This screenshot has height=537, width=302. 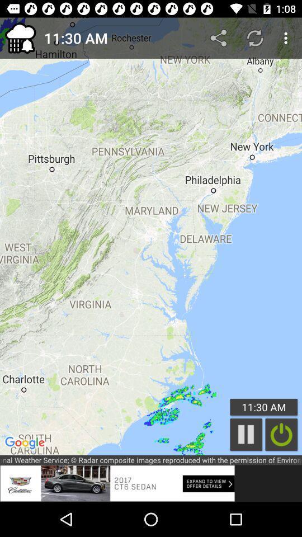 What do you see at coordinates (281, 434) in the screenshot?
I see `rain alarm search botton` at bounding box center [281, 434].